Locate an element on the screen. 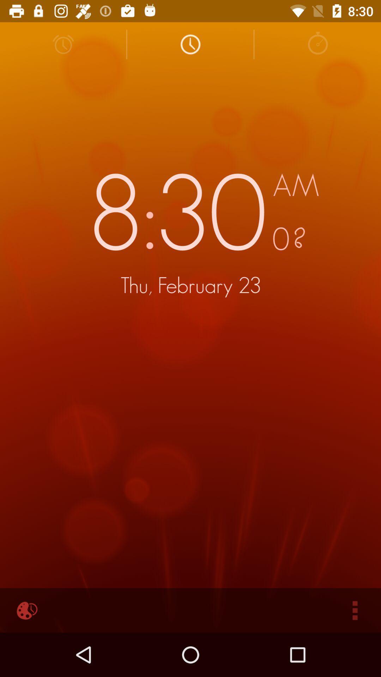  touch screen pallete is located at coordinates (25, 610).